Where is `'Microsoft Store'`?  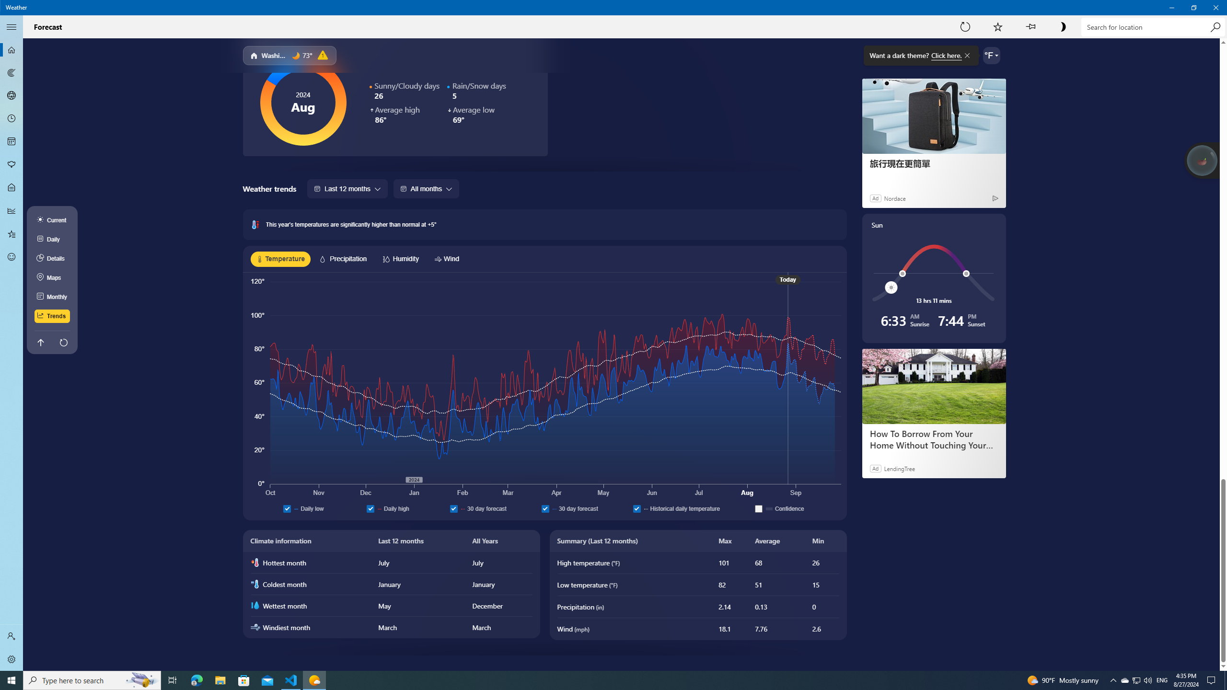
'Microsoft Store' is located at coordinates (244, 679).